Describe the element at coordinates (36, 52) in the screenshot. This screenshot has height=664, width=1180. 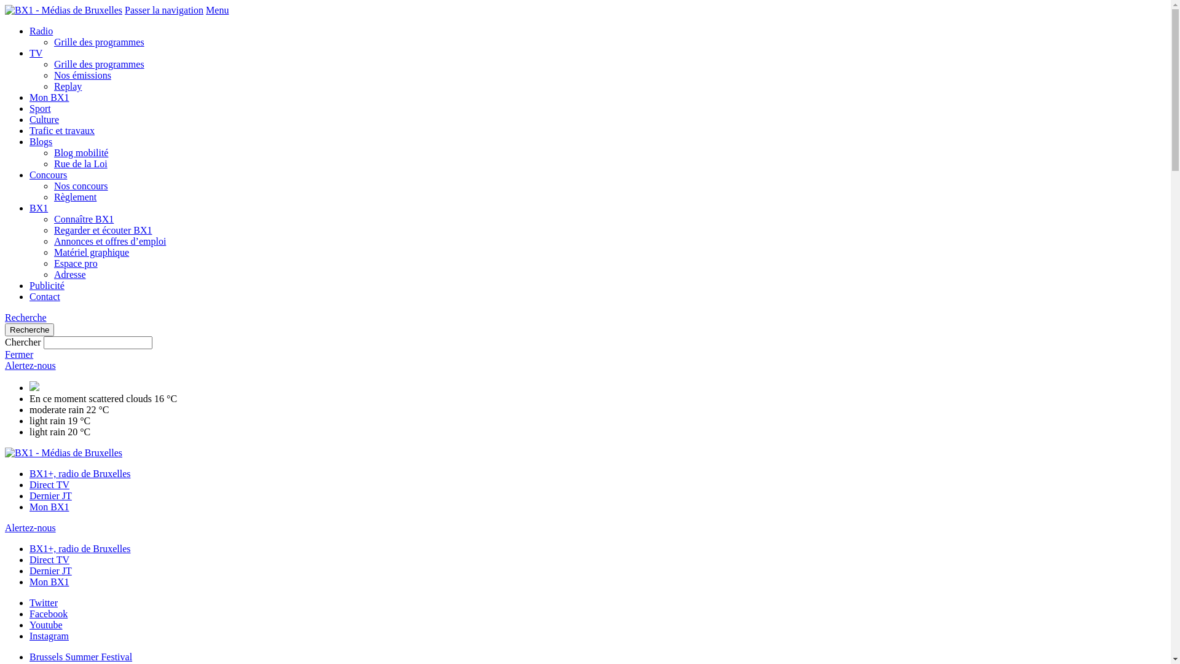
I see `'TV'` at that location.